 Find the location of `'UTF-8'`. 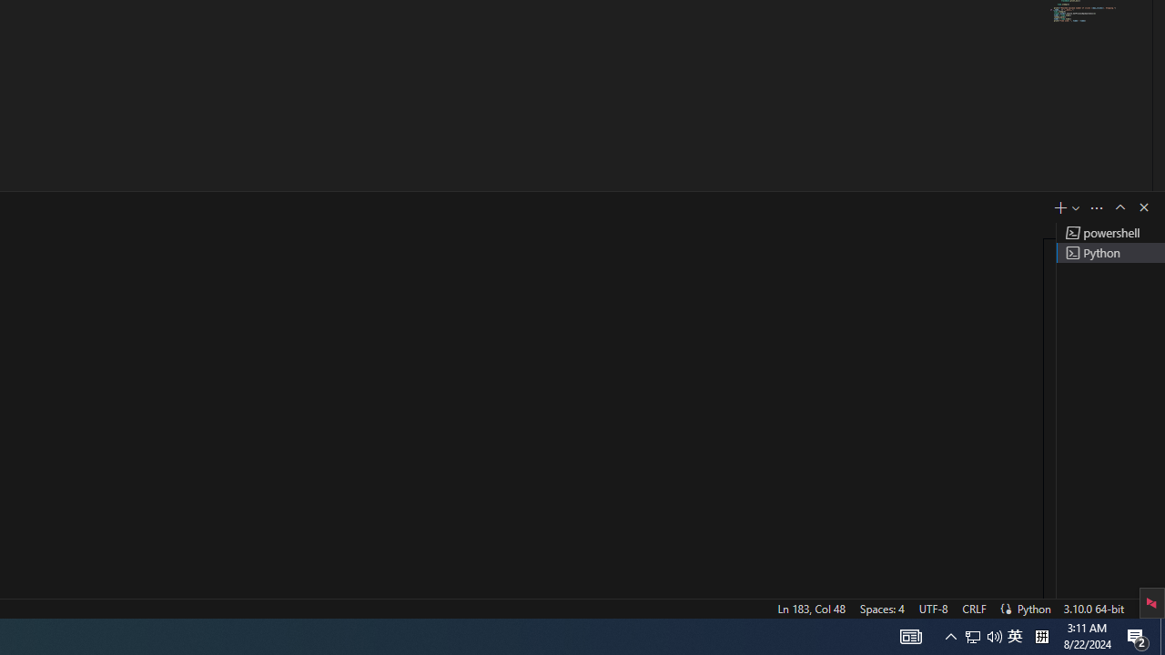

'UTF-8' is located at coordinates (933, 608).